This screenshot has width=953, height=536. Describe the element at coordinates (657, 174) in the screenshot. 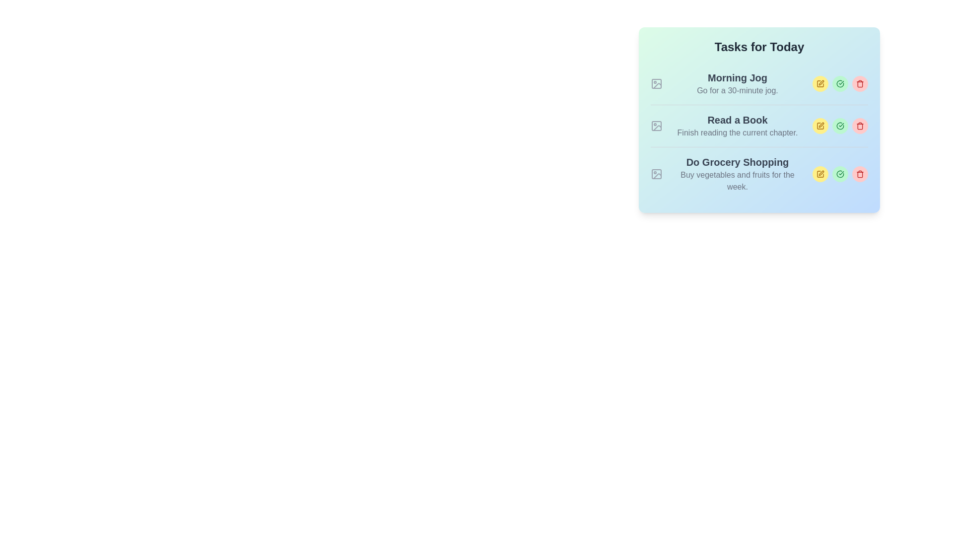

I see `the small gray icon resembling an image placeholder, located to the left of the text 'Do Grocery Shopping'` at that location.